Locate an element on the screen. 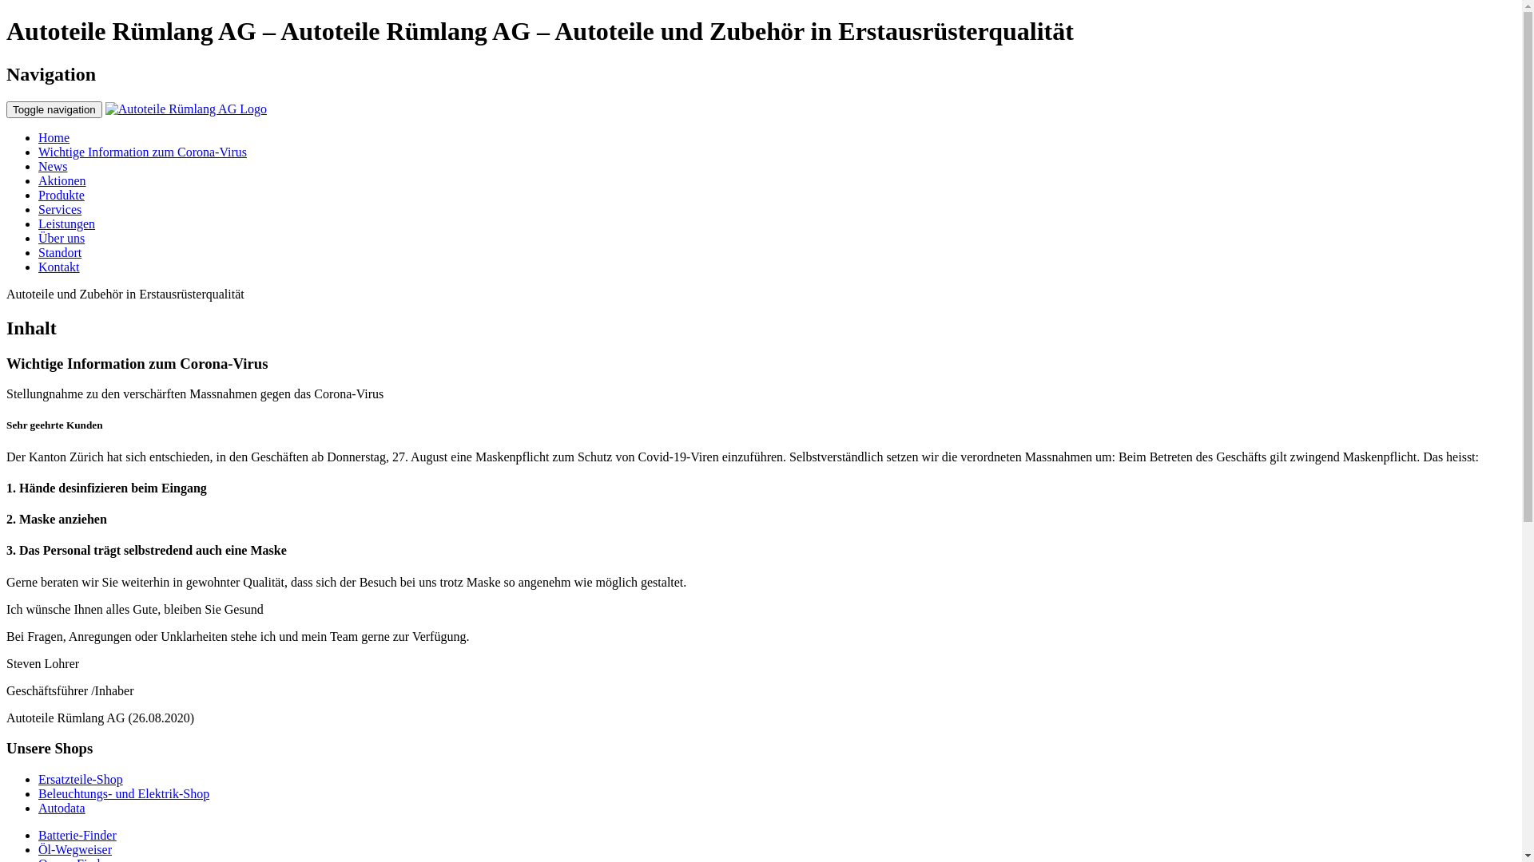 This screenshot has height=862, width=1534. 'Batterie-Finder' is located at coordinates (76, 834).